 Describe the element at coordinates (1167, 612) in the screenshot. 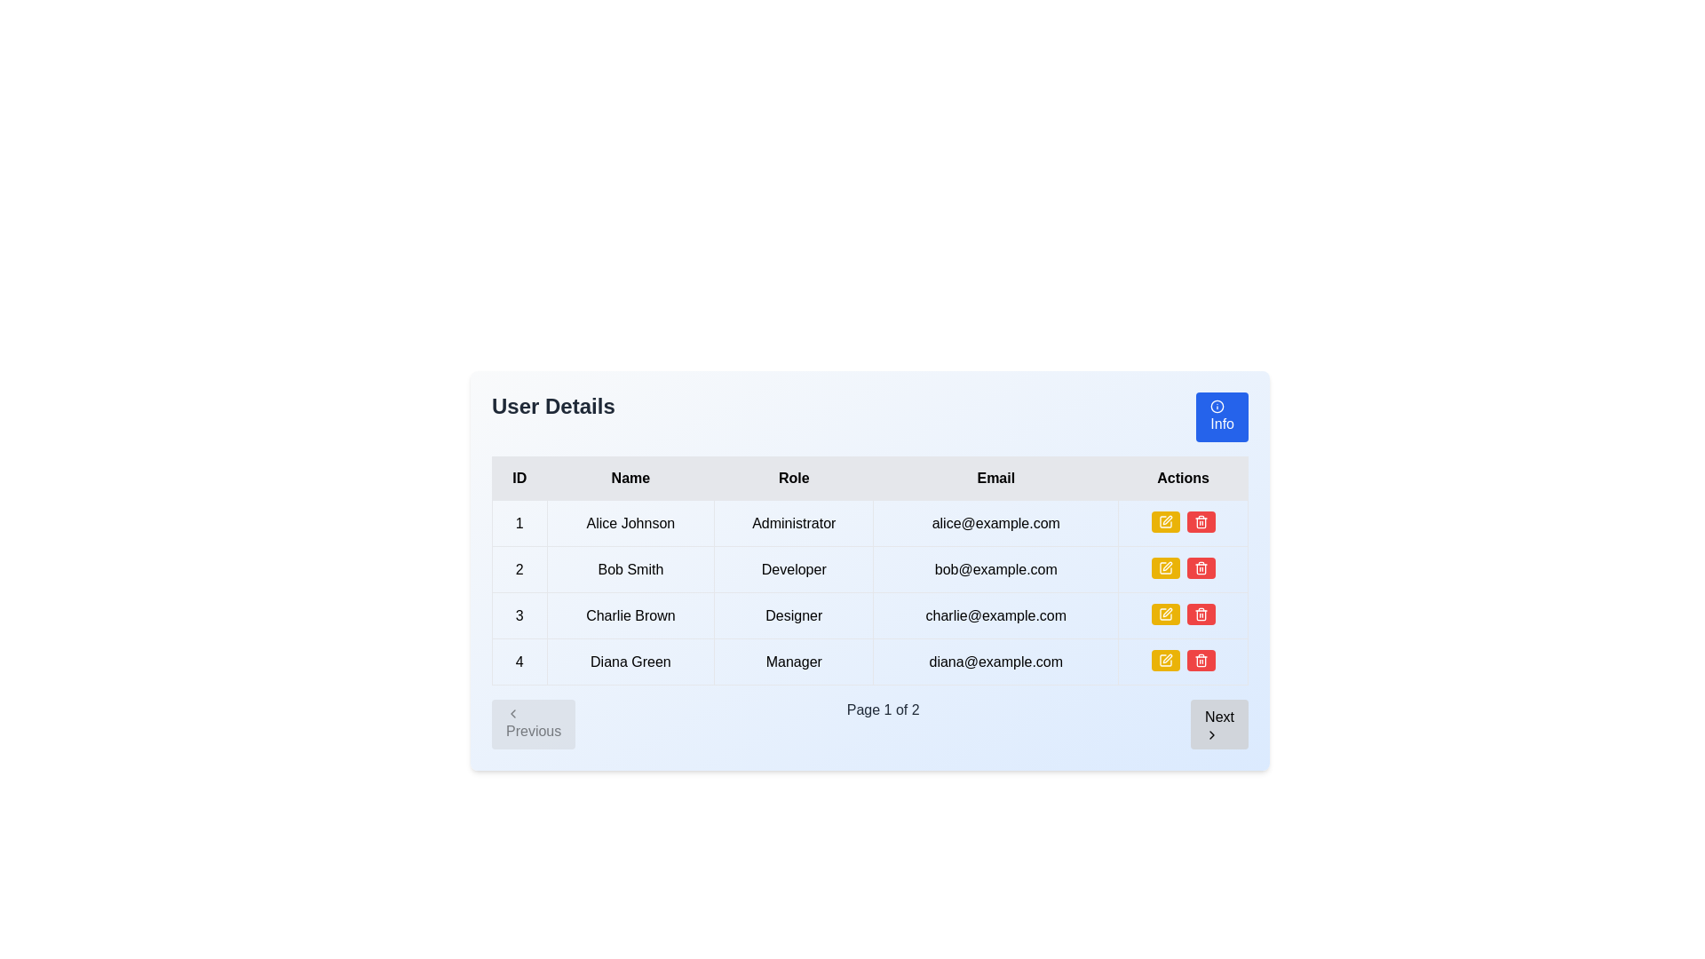

I see `the edit icon for user 'Charlie Brown' in the Actions column of the table` at that location.